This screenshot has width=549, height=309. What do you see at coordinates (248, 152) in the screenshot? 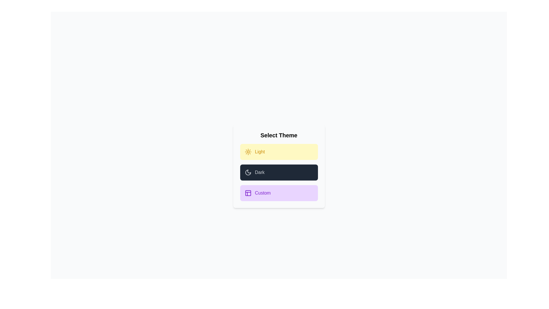
I see `the 'Light' option button, which has a yellow background and is the topmost in the list of theme options` at bounding box center [248, 152].